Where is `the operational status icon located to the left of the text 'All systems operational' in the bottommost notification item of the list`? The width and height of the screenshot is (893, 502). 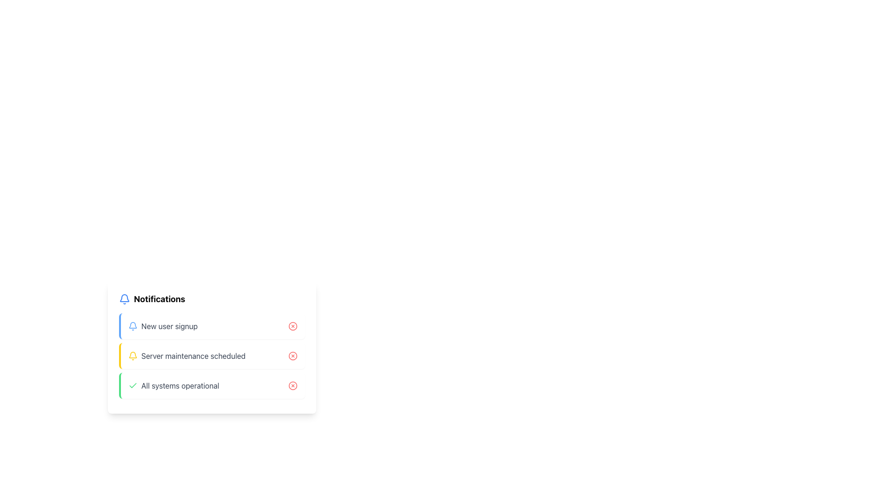
the operational status icon located to the left of the text 'All systems operational' in the bottommost notification item of the list is located at coordinates (133, 385).